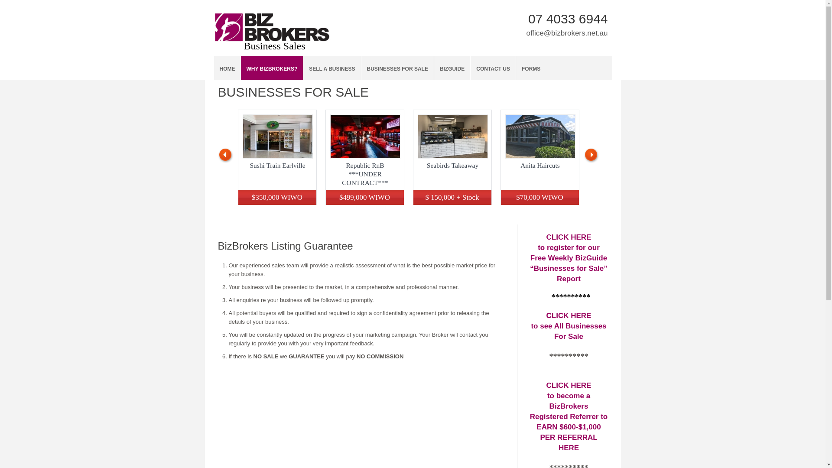 The width and height of the screenshot is (832, 468). Describe the element at coordinates (331, 67) in the screenshot. I see `'SELL A BUSINESS'` at that location.